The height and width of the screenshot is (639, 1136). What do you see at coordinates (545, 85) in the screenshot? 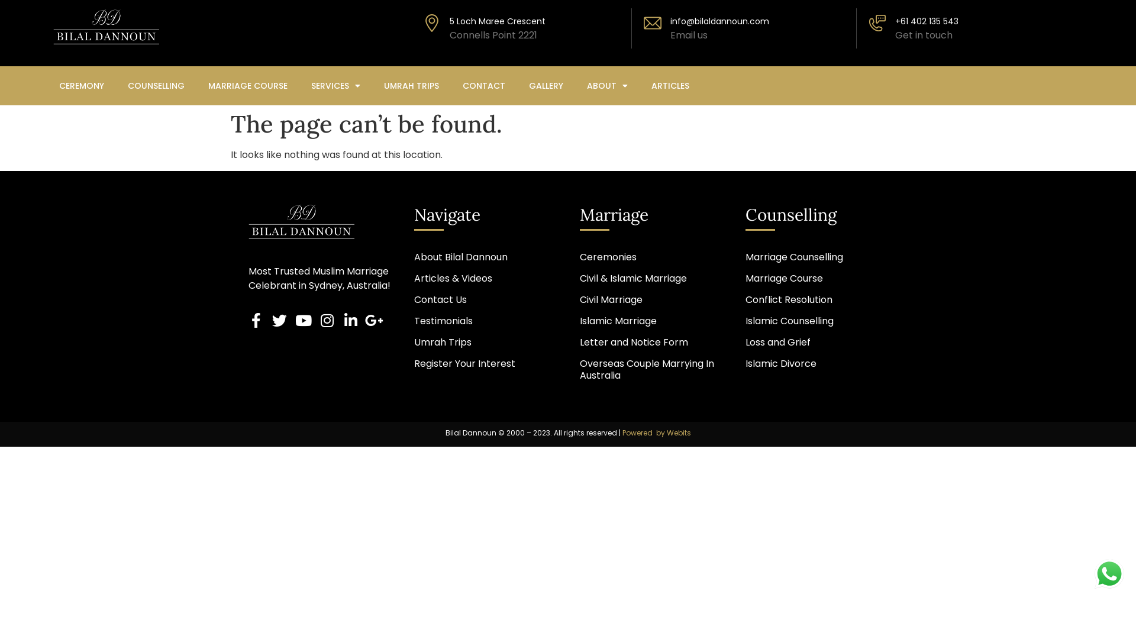
I see `'GALLERY'` at bounding box center [545, 85].